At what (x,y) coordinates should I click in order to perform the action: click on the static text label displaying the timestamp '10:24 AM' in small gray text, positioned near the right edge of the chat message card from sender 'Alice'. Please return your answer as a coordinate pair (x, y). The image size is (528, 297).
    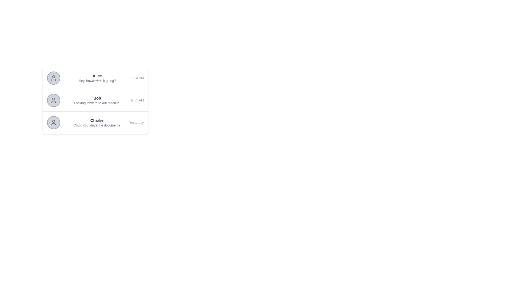
    Looking at the image, I should click on (137, 78).